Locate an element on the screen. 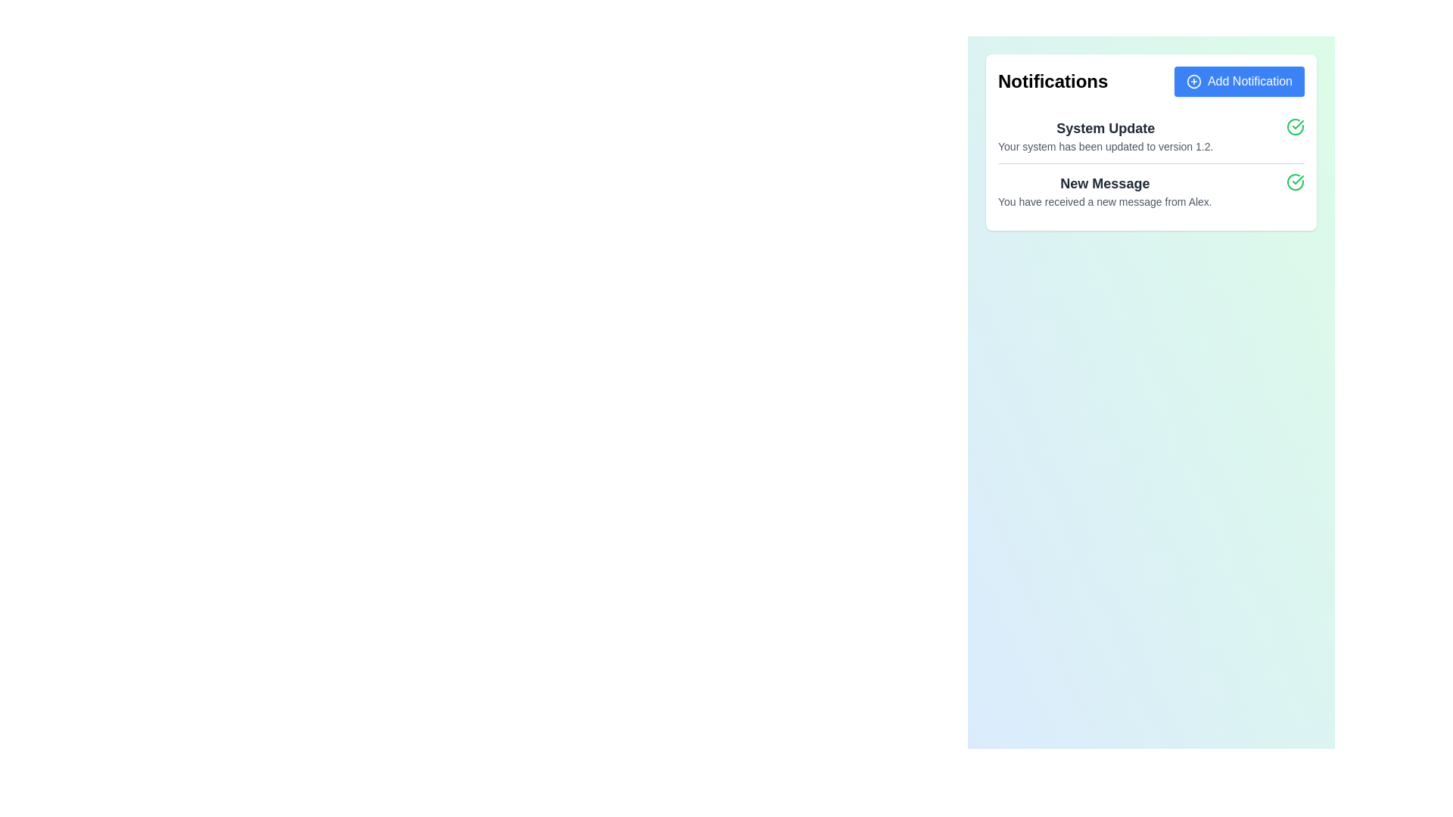 The width and height of the screenshot is (1453, 817). the circular icon part of the 'Add Notification' button located in the top-right corner of the notification panel is located at coordinates (1193, 82).